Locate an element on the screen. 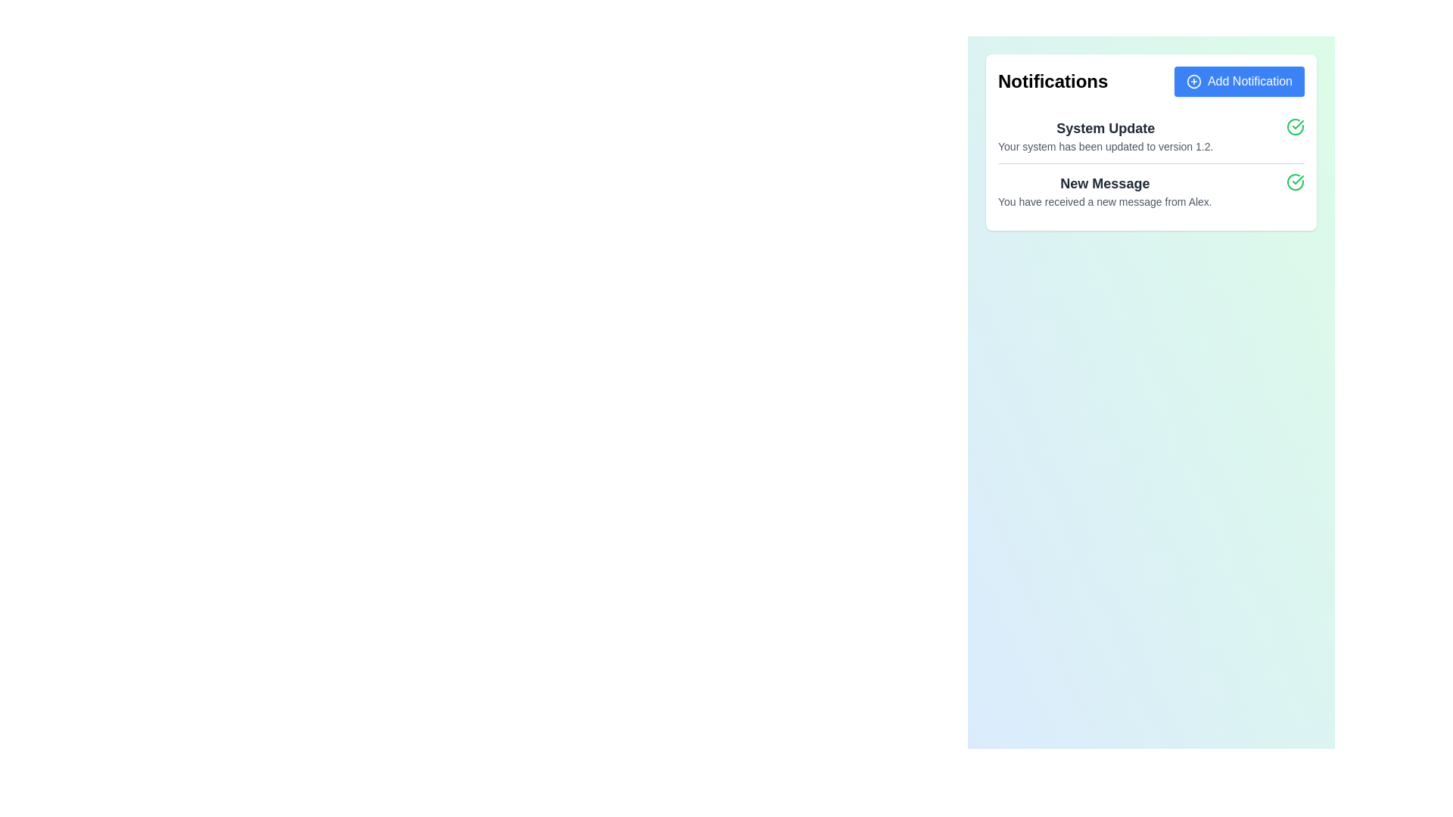 The width and height of the screenshot is (1453, 817). the circular icon part of the 'Add Notification' button located in the top-right corner of the notification panel is located at coordinates (1193, 82).